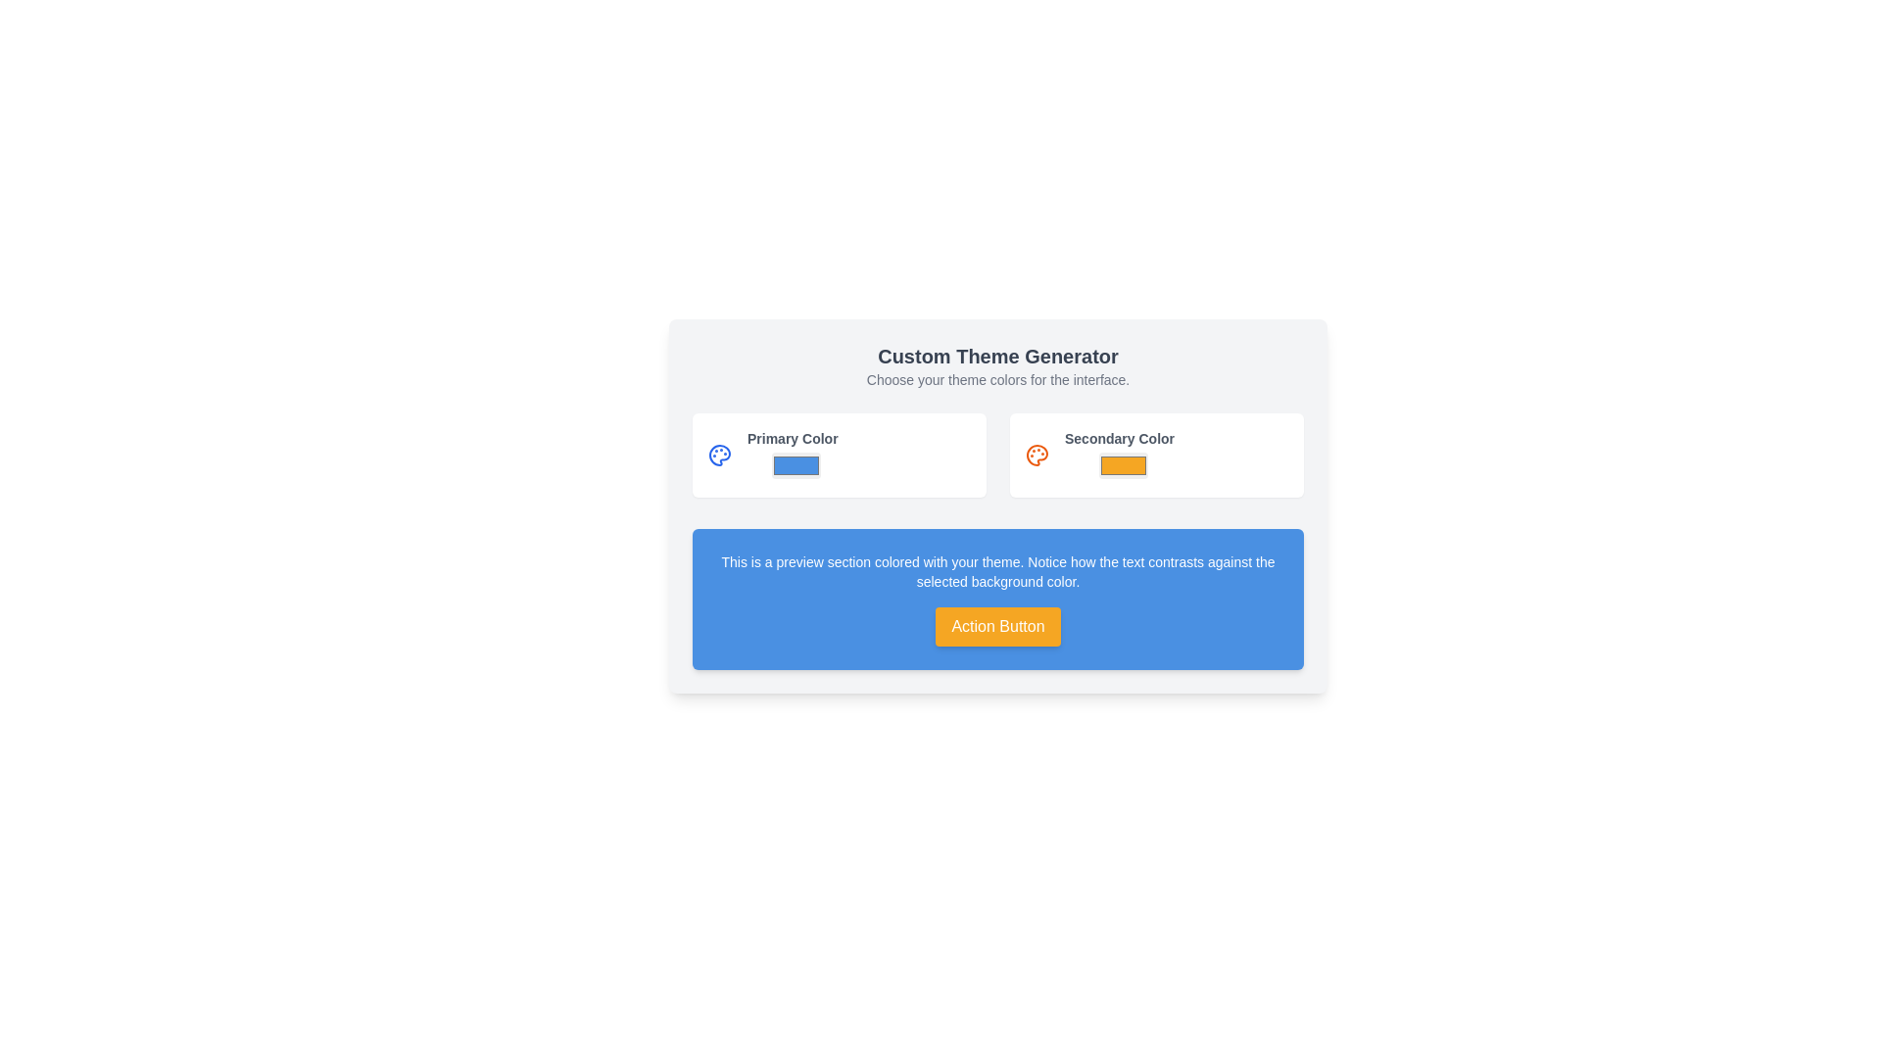 The width and height of the screenshot is (1881, 1058). What do you see at coordinates (796, 465) in the screenshot?
I see `the Color Picker Button located below the 'Primary Color' label` at bounding box center [796, 465].